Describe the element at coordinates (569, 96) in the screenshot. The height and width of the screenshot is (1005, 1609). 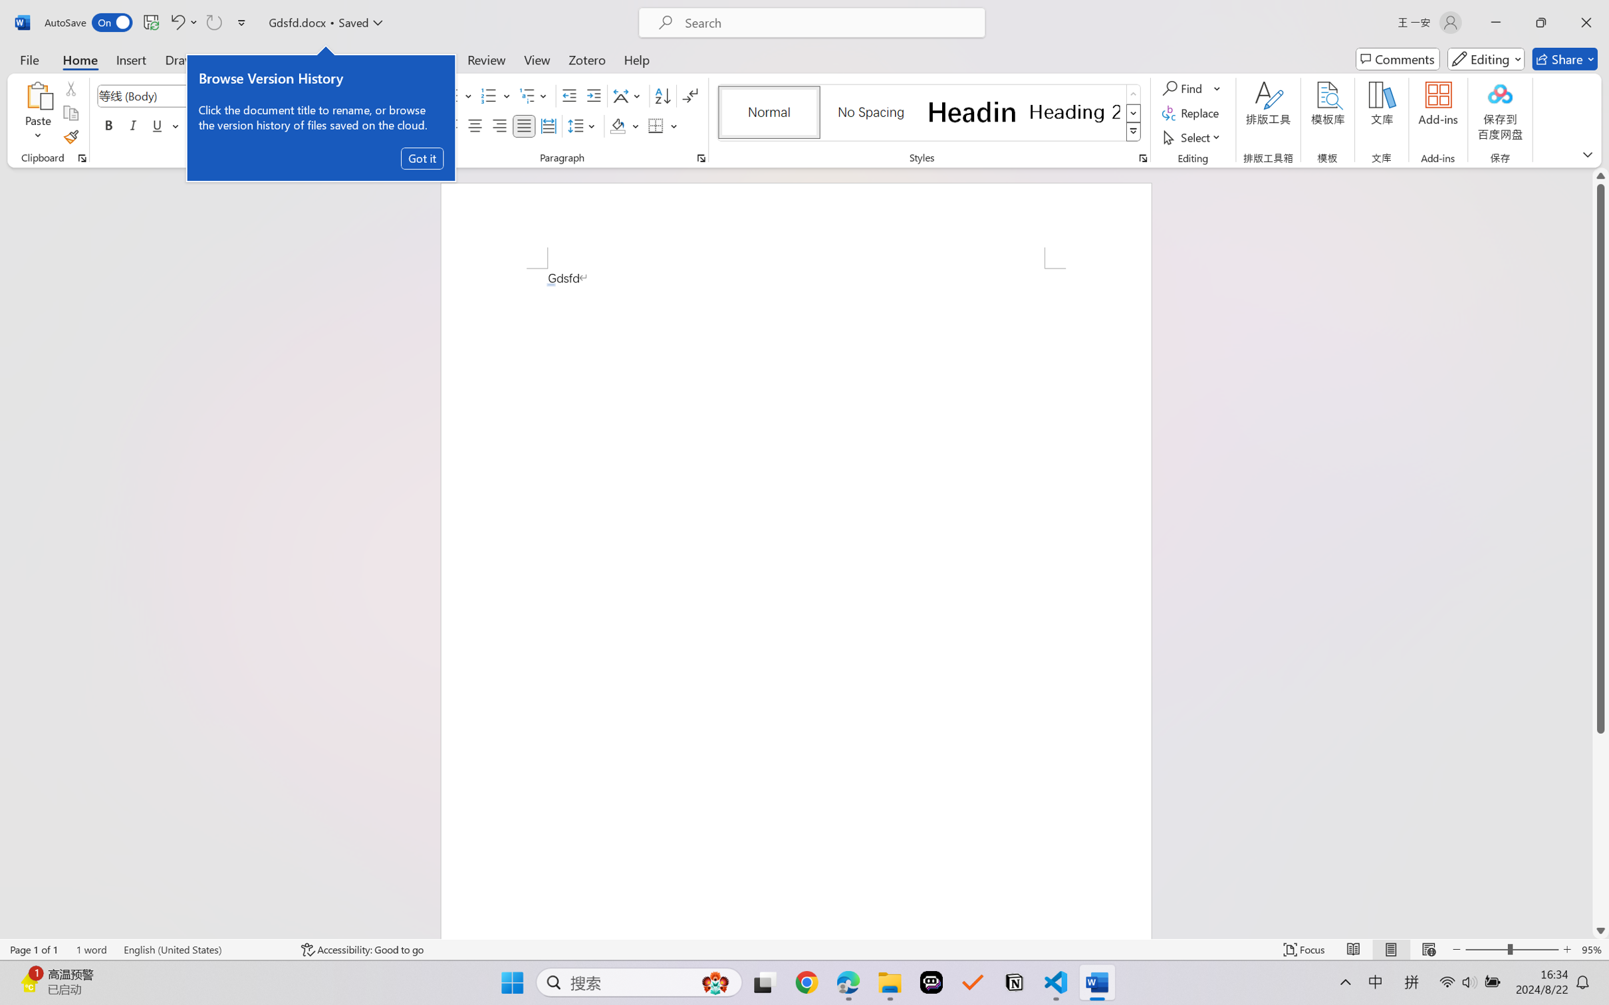
I see `'Decrease Indent'` at that location.